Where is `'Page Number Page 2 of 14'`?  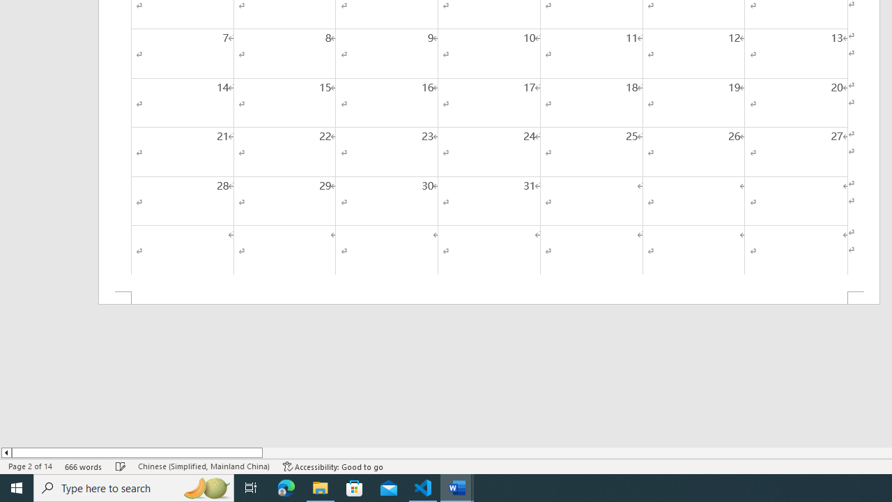
'Page Number Page 2 of 14' is located at coordinates (30, 466).